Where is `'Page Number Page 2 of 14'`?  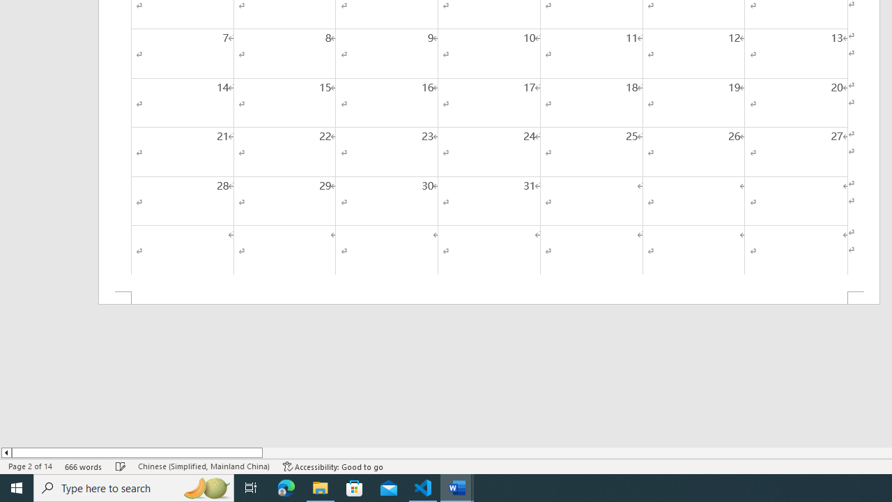
'Page Number Page 2 of 14' is located at coordinates (30, 466).